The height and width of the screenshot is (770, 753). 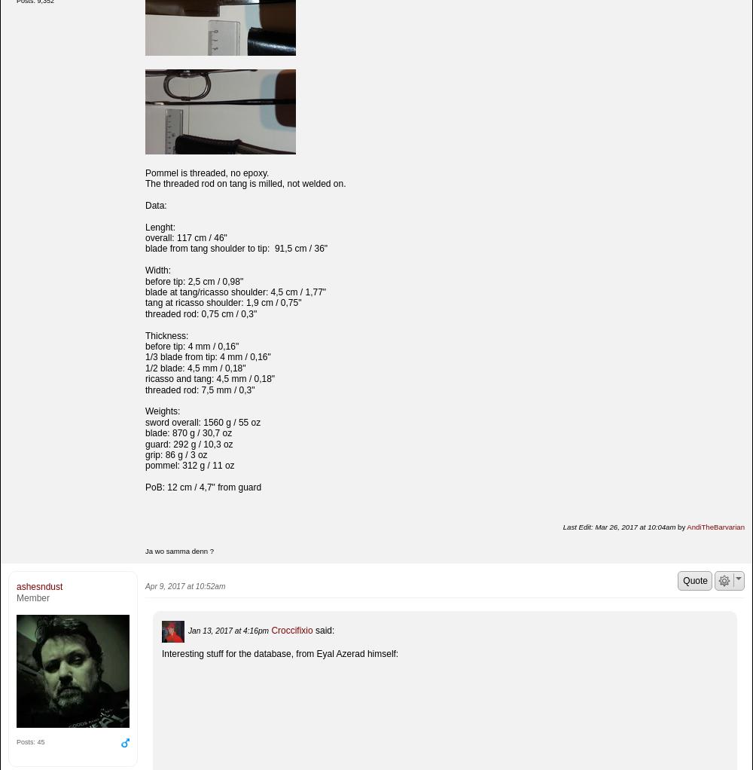 What do you see at coordinates (235, 291) in the screenshot?
I see `'blade at tang/ricasso shoulder: 4,5 cm / 1,77"'` at bounding box center [235, 291].